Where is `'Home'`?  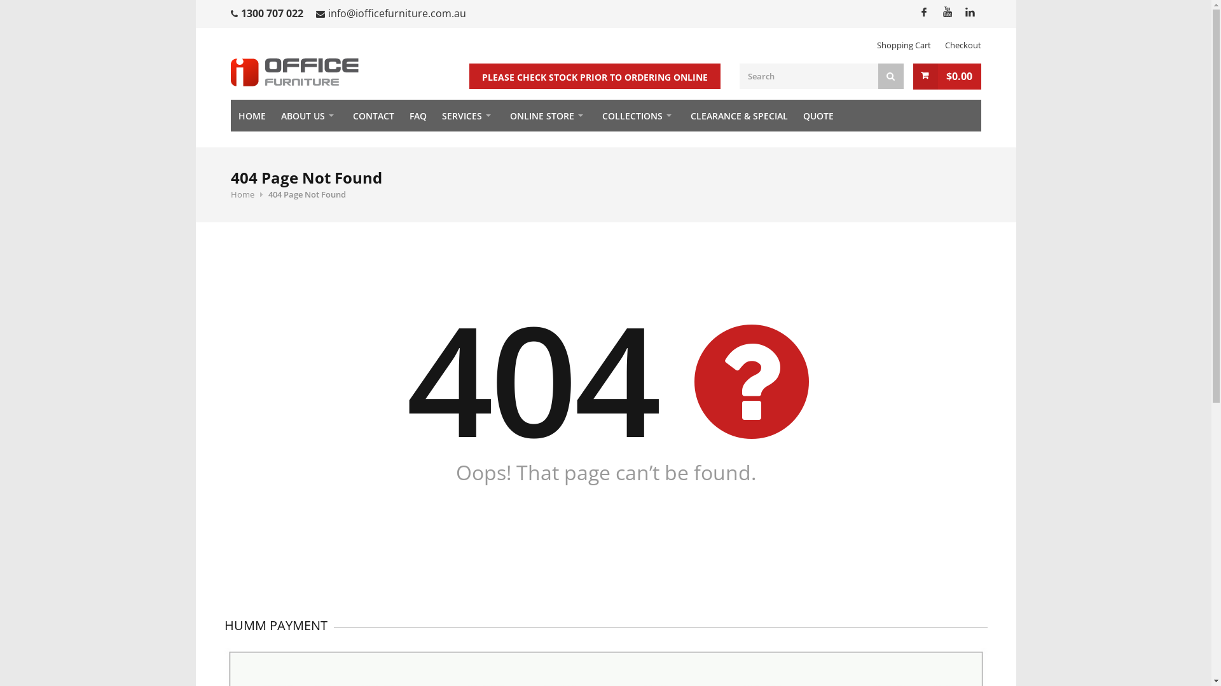
'Home' is located at coordinates (230, 194).